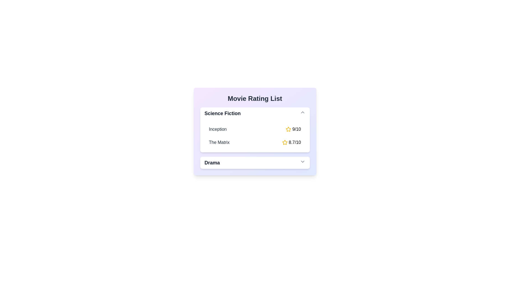 This screenshot has height=296, width=526. Describe the element at coordinates (255, 98) in the screenshot. I see `the title of the component labeled 'Movie Rating List'` at that location.